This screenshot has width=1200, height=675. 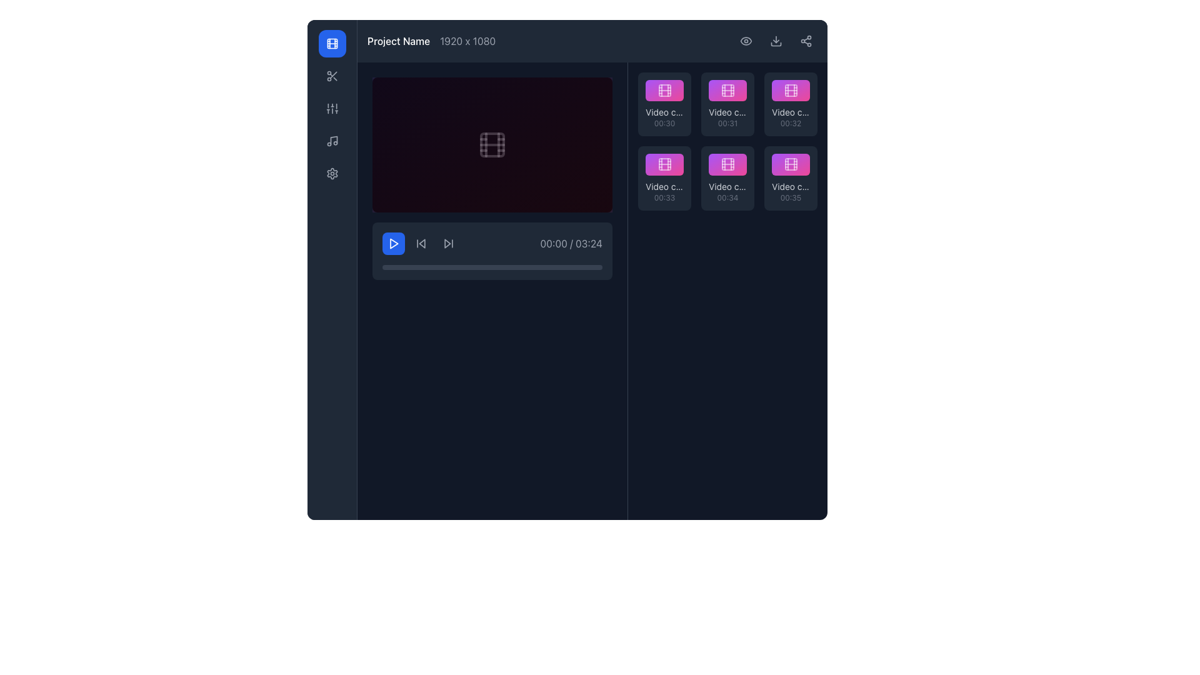 I want to click on the leftmost polygonal icon in the SVG graphical group, which is part of the media control panel located centrally under the video playback frame, so click(x=447, y=243).